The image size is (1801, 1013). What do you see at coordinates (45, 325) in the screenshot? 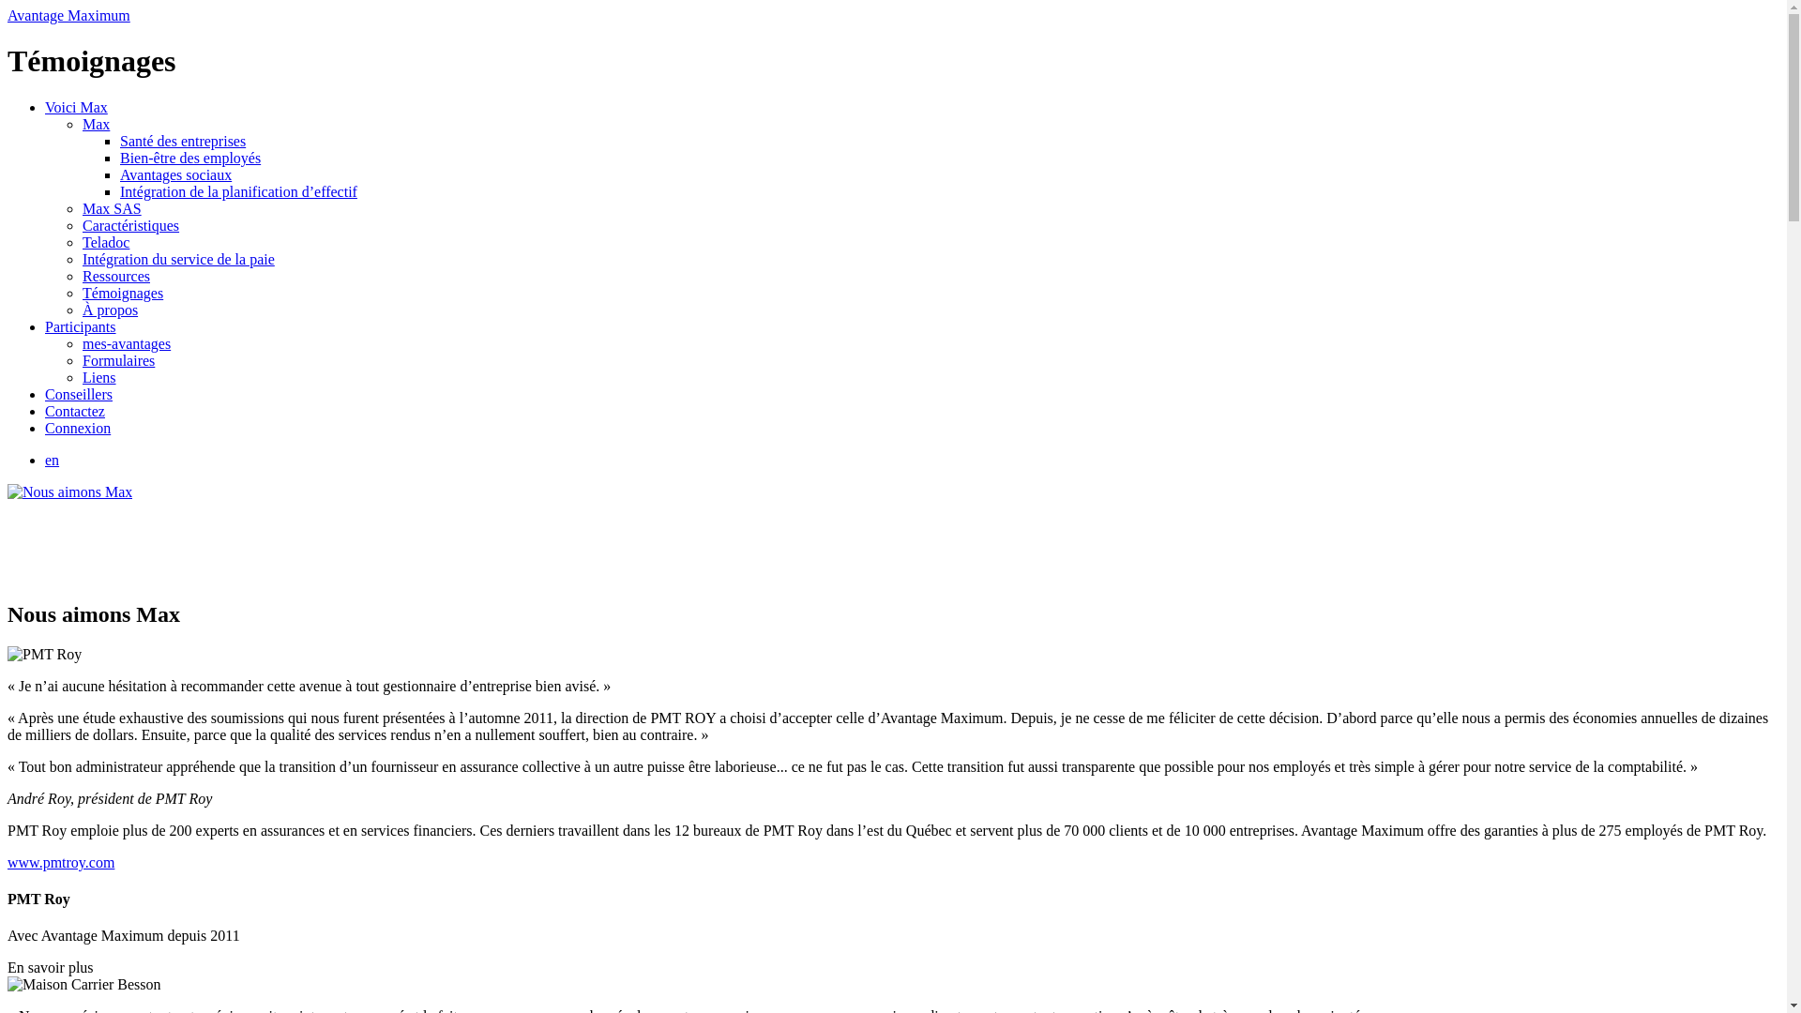
I see `'Participants'` at bounding box center [45, 325].